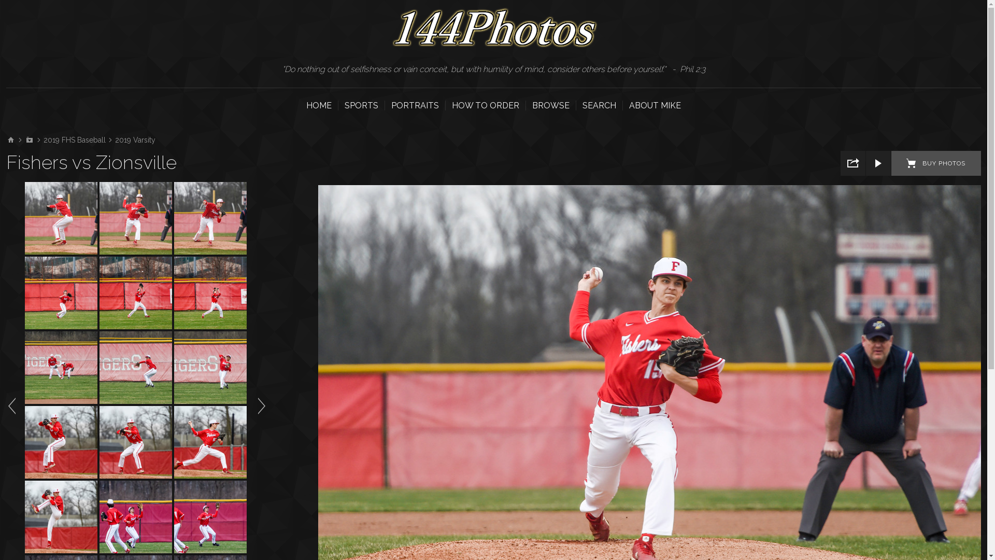 The image size is (995, 560). I want to click on 'Share Gallery', so click(853, 163).